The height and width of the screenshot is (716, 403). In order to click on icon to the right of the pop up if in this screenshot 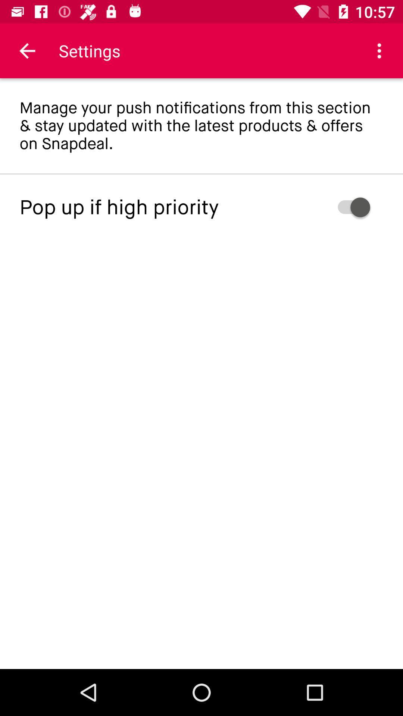, I will do `click(329, 207)`.